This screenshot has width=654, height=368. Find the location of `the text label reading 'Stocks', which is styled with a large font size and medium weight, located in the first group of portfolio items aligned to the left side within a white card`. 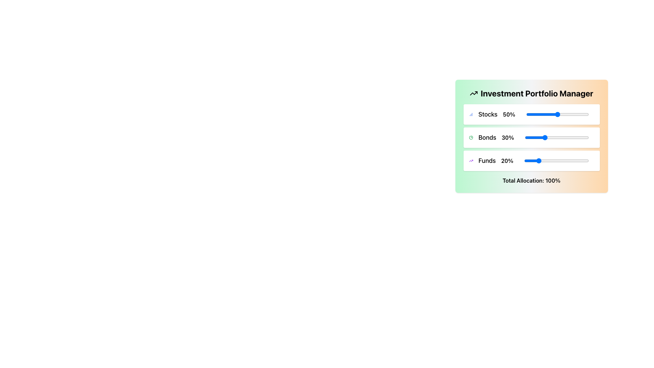

the text label reading 'Stocks', which is styled with a large font size and medium weight, located in the first group of portfolio items aligned to the left side within a white card is located at coordinates (487, 114).